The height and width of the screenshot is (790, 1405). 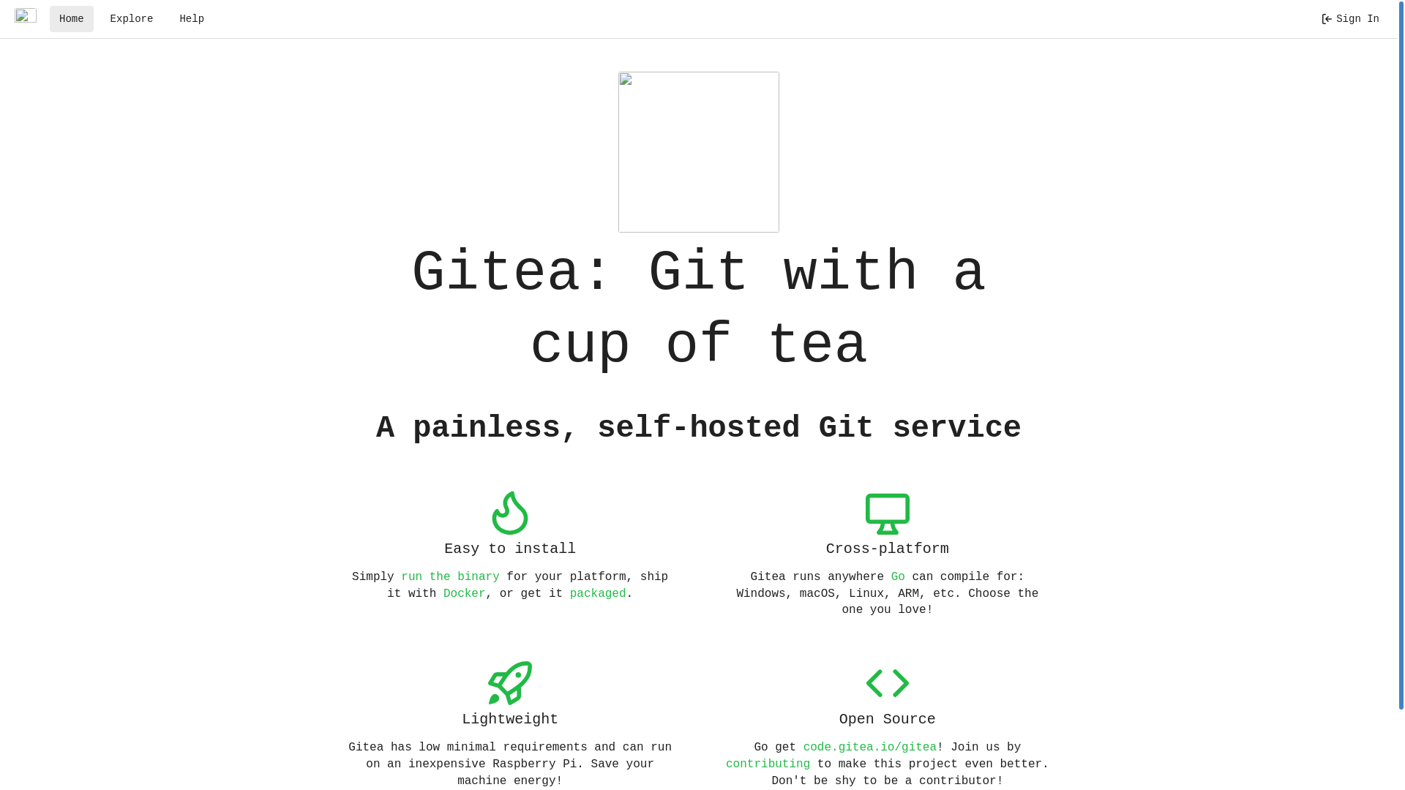 I want to click on 'contributing', so click(x=726, y=764).